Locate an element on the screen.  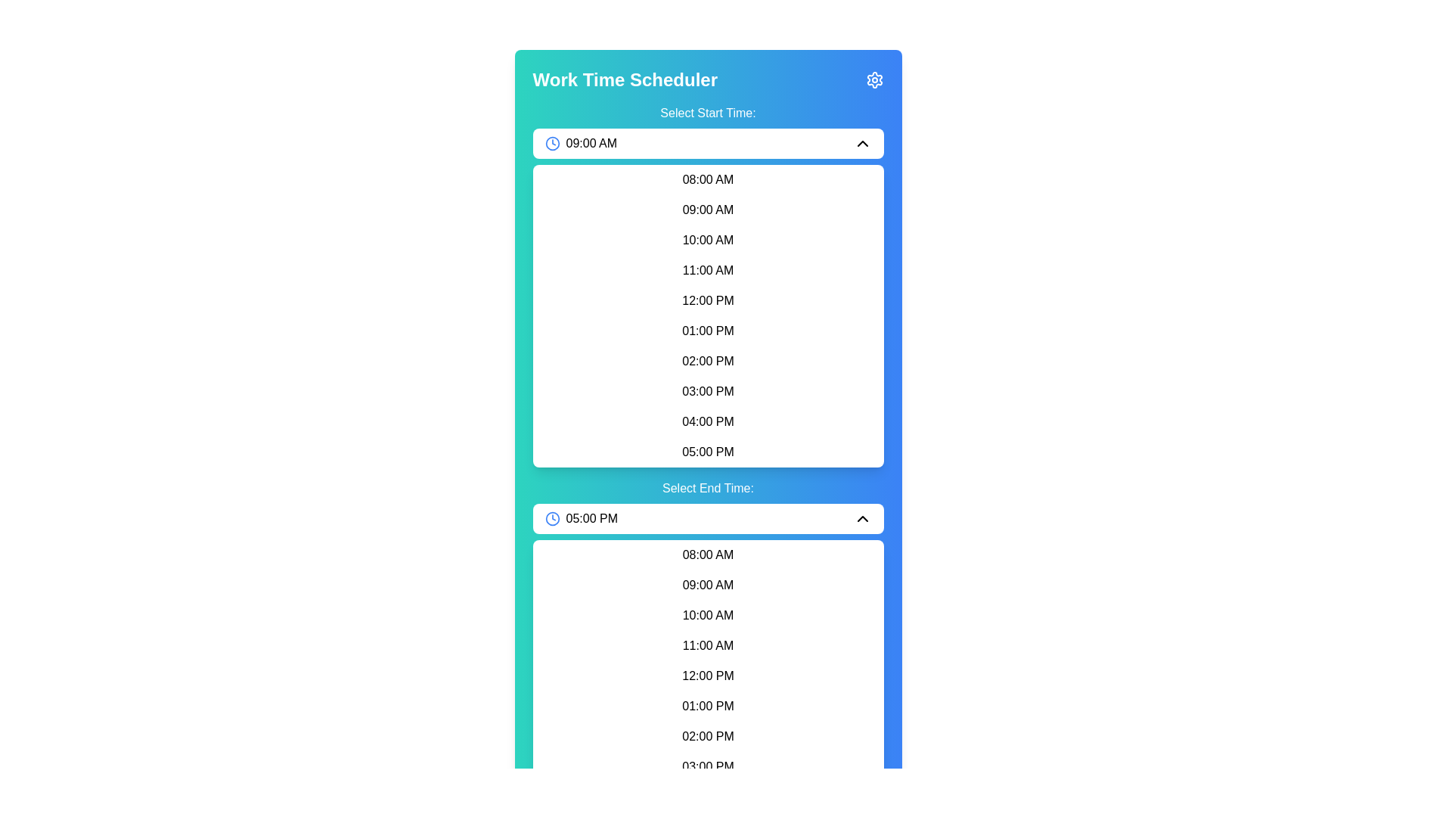
the selectable time slot label located centrally in the scheduling interface, which is the fifth item in a vertical list of time options is located at coordinates (707, 300).